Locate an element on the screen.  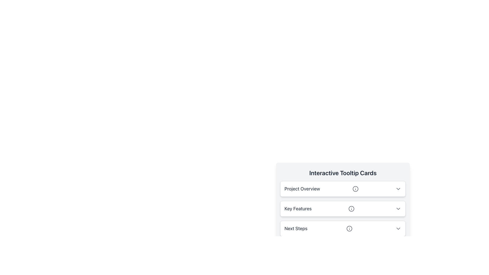
the decorative icon element located in the middle of the interactive tooltip card list is located at coordinates (351, 209).